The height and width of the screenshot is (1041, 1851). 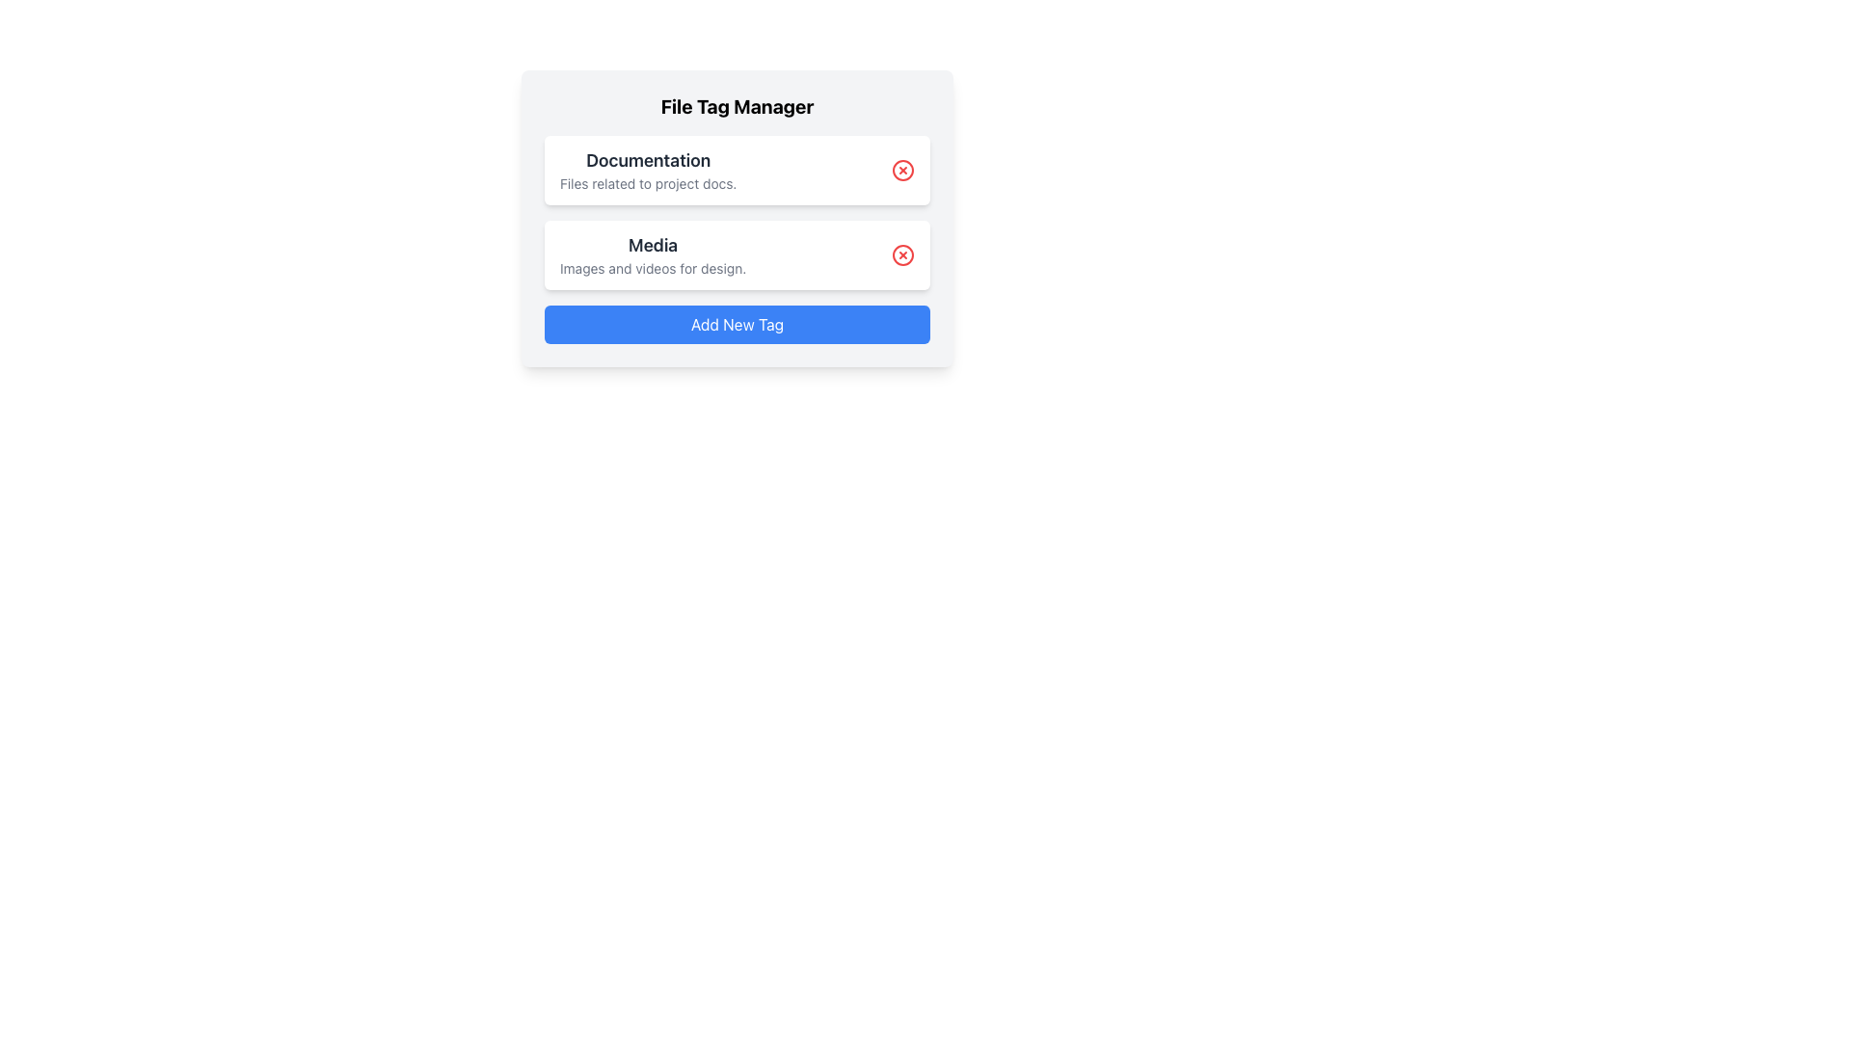 I want to click on the bold text label 'Documentation' located at the top of the 'File Tag Manager' section, which is visually distinct and appears above the text description 'Files related to project docs.', so click(x=648, y=159).